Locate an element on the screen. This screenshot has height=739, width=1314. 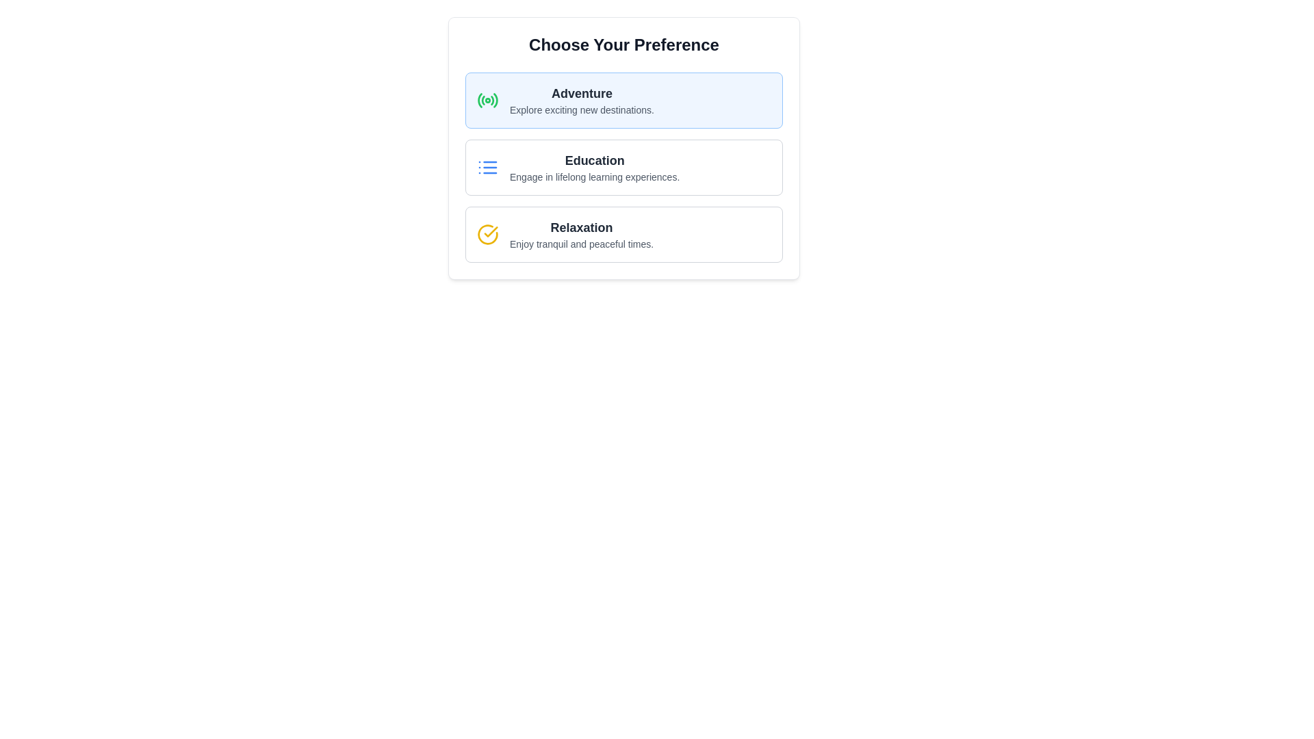
the 'Education' card in the preference selection interface is located at coordinates (623, 148).